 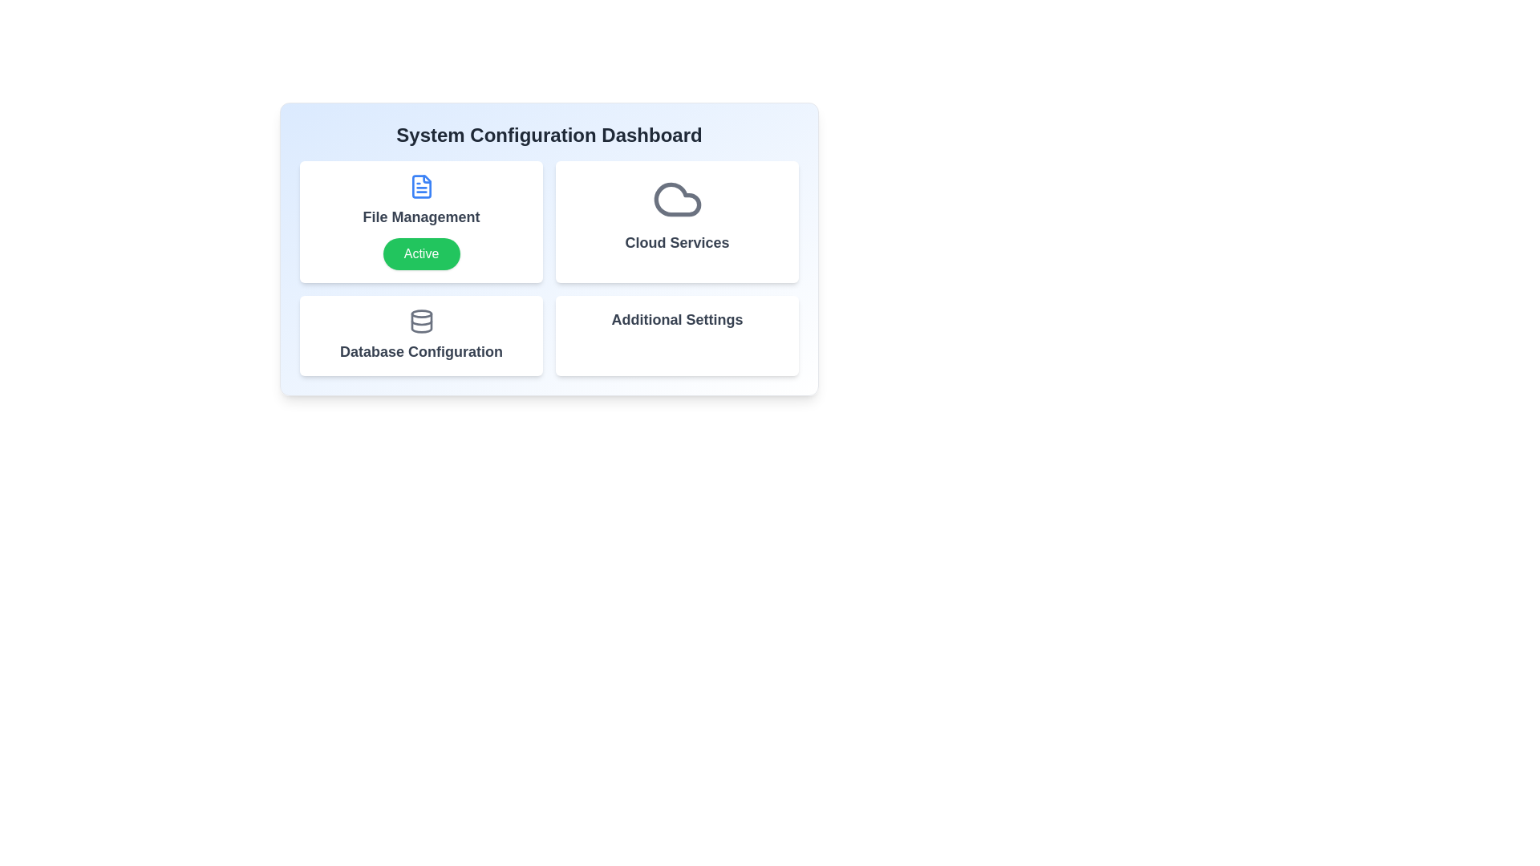 I want to click on the 'Additional Settings' static text label, which is displayed in a large, bold font on a dark gray background within a white, rounded rectangular card located in the bottom-right corner of the grid layout, so click(x=677, y=319).